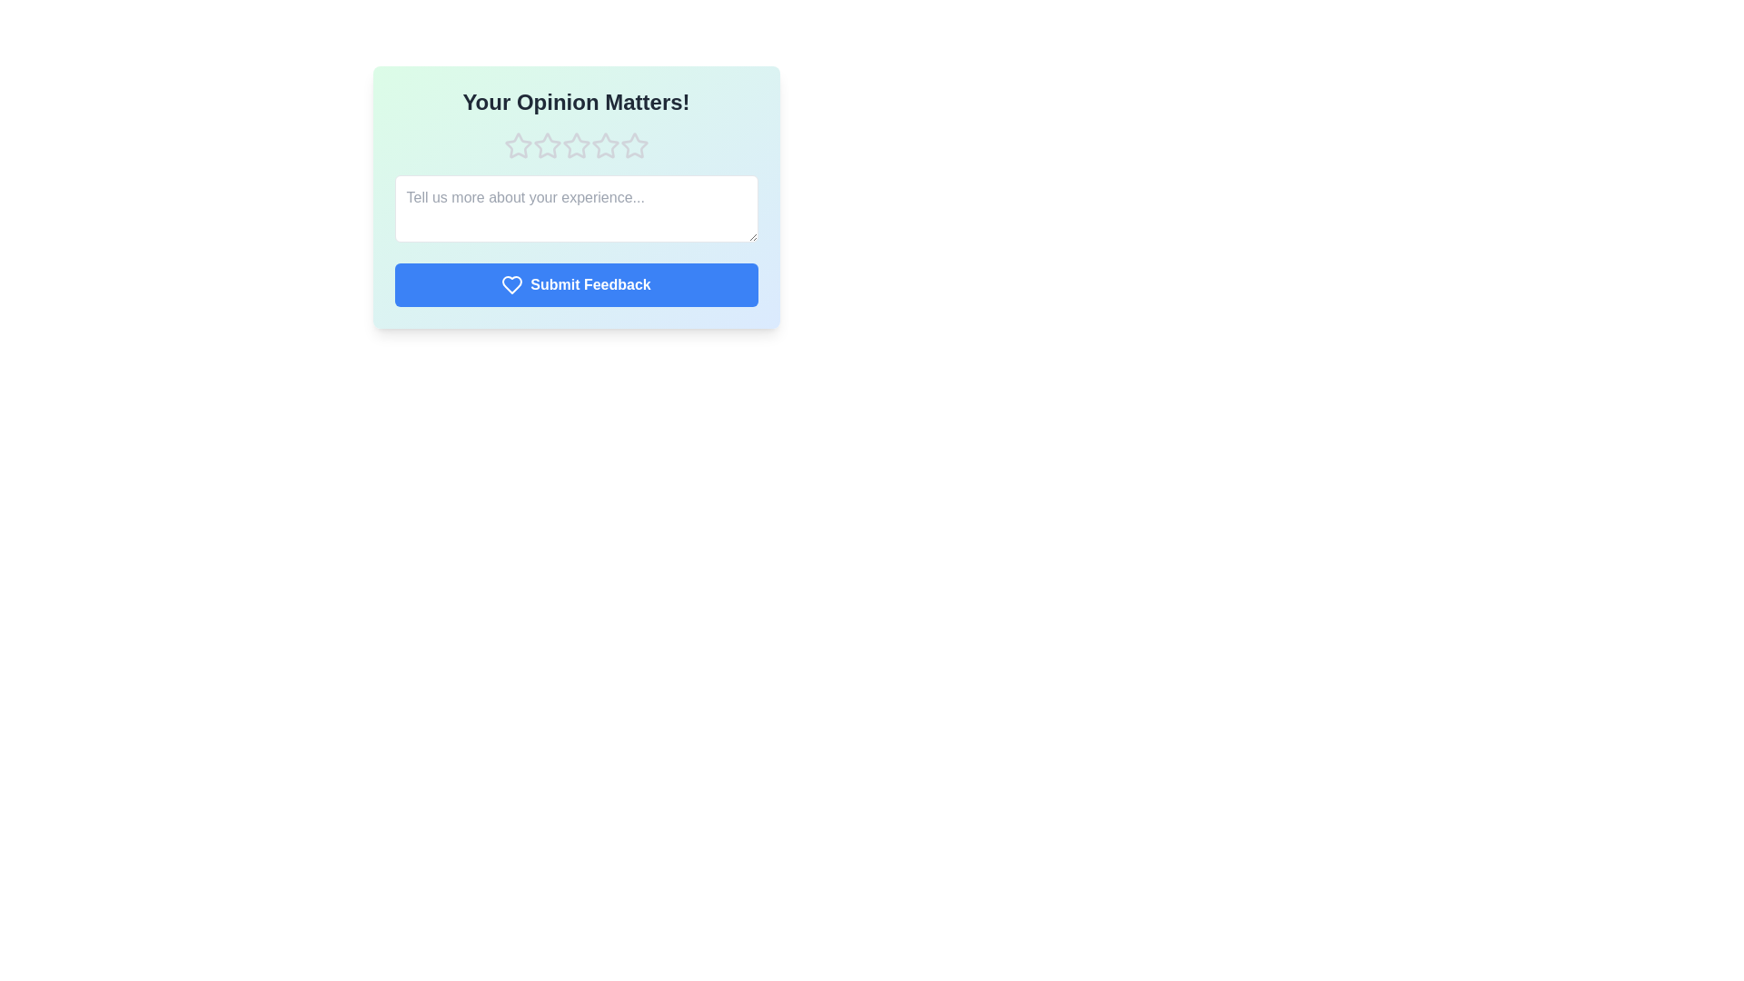 This screenshot has height=981, width=1744. I want to click on the feedback submission button located at the bottom center of the card layout to change its color from blue to a darker blue, so click(575, 284).